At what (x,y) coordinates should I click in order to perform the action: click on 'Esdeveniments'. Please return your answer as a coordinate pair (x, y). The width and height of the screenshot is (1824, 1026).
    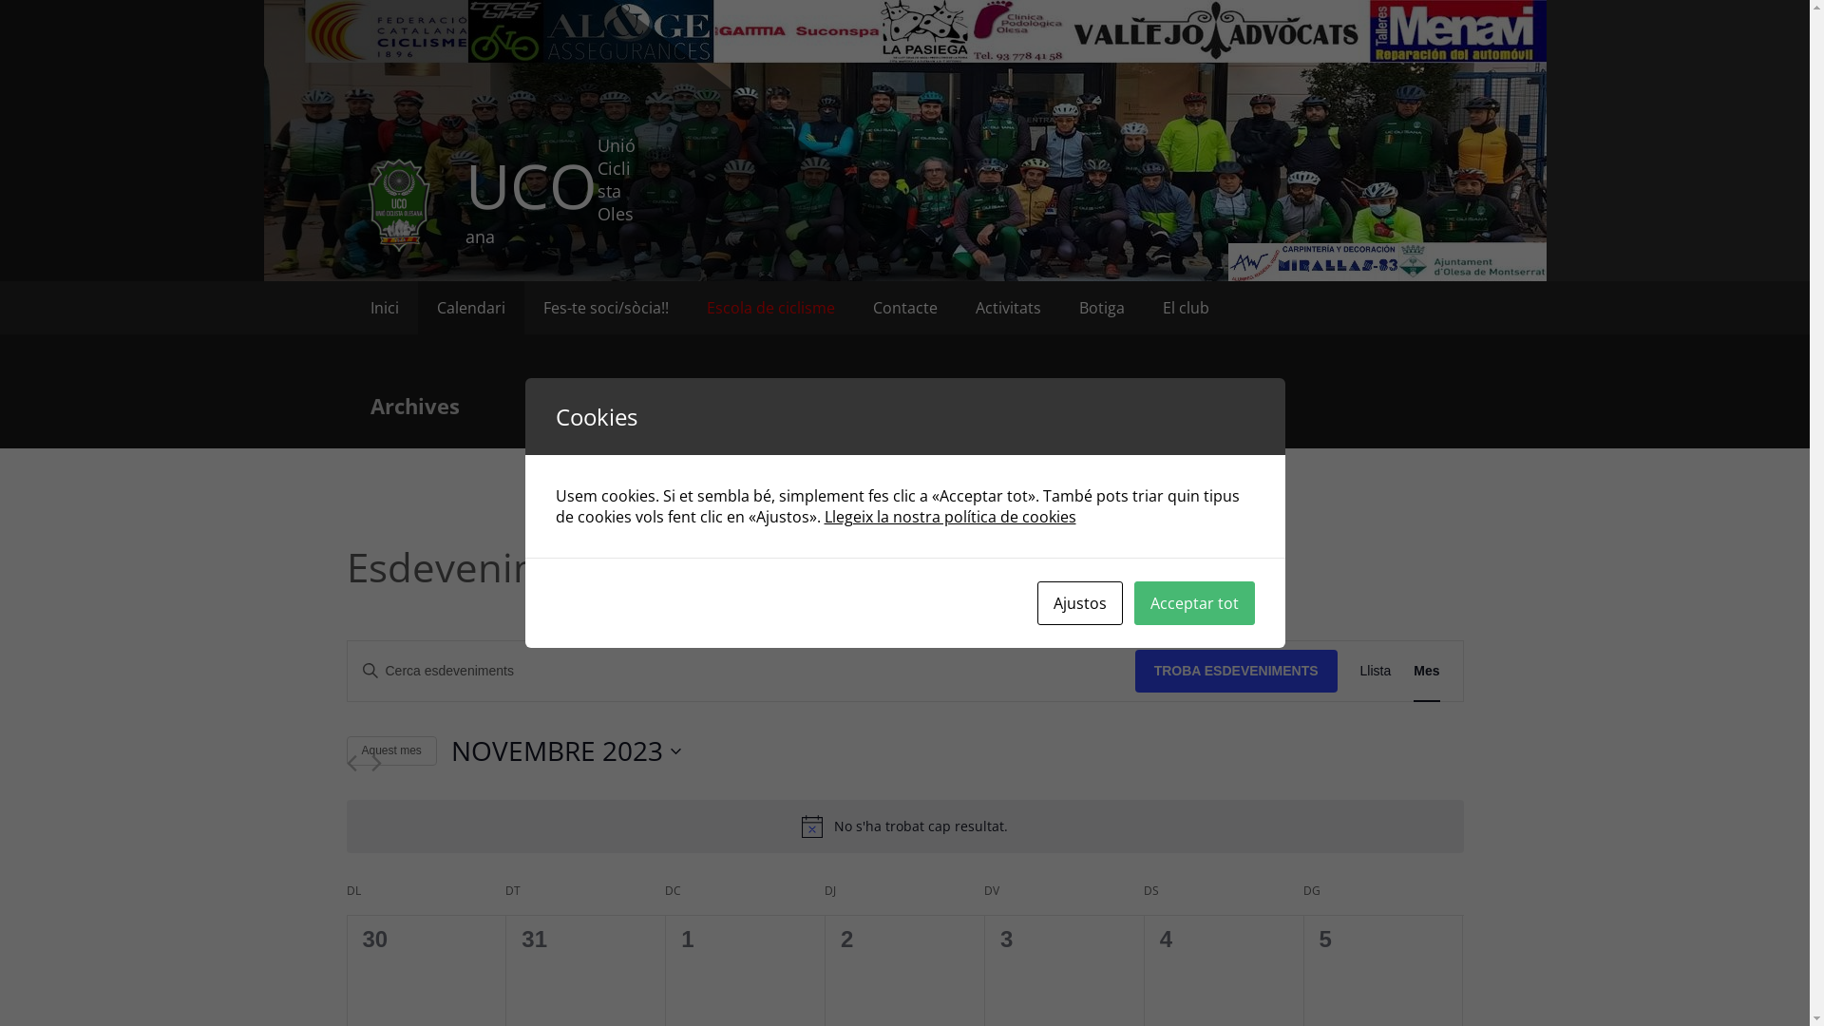
    Looking at the image, I should click on (487, 566).